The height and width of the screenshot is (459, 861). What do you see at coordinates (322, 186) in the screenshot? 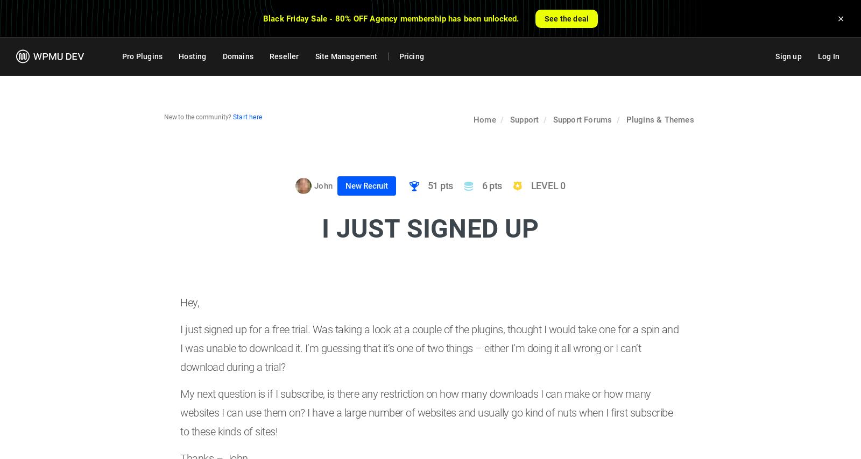
I see `'John'` at bounding box center [322, 186].